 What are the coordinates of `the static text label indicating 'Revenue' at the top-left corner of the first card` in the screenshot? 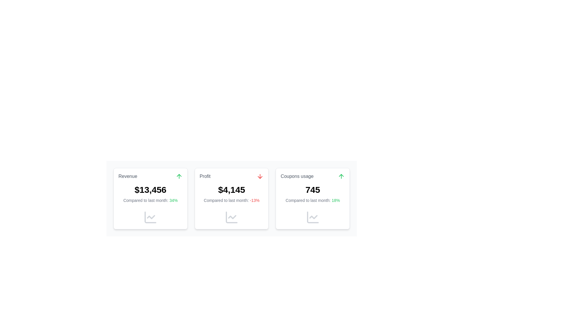 It's located at (128, 176).